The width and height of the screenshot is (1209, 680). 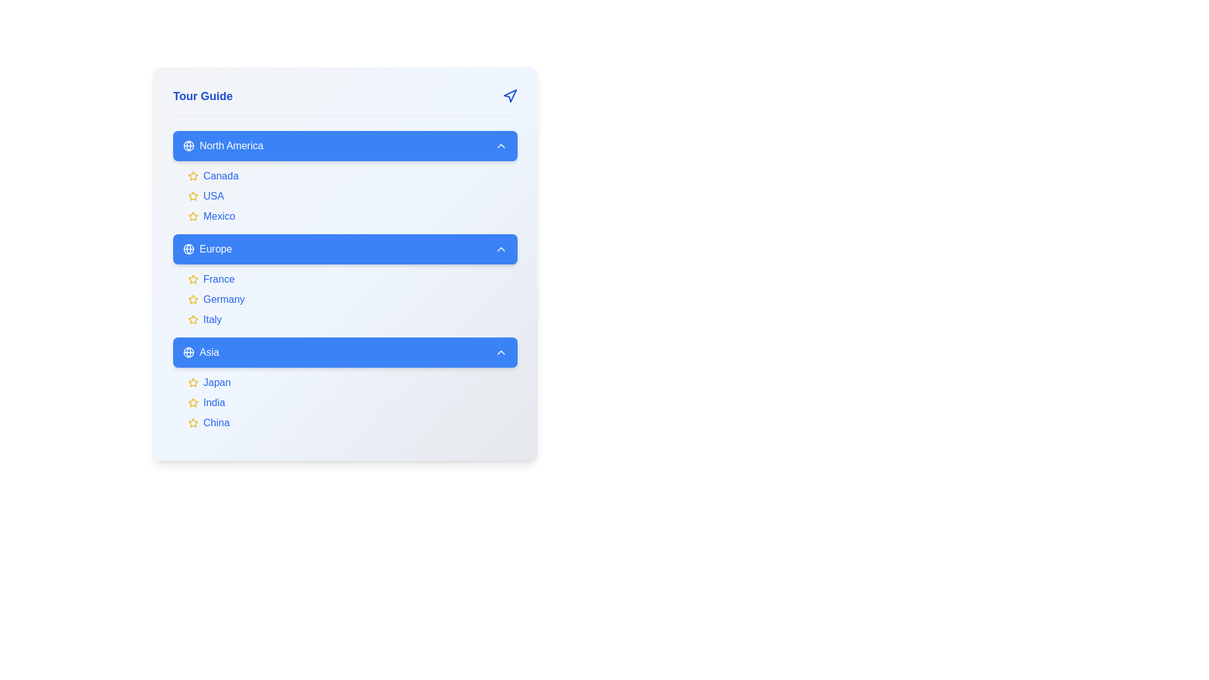 I want to click on the hyperlink text displaying 'Germany', so click(x=224, y=299).